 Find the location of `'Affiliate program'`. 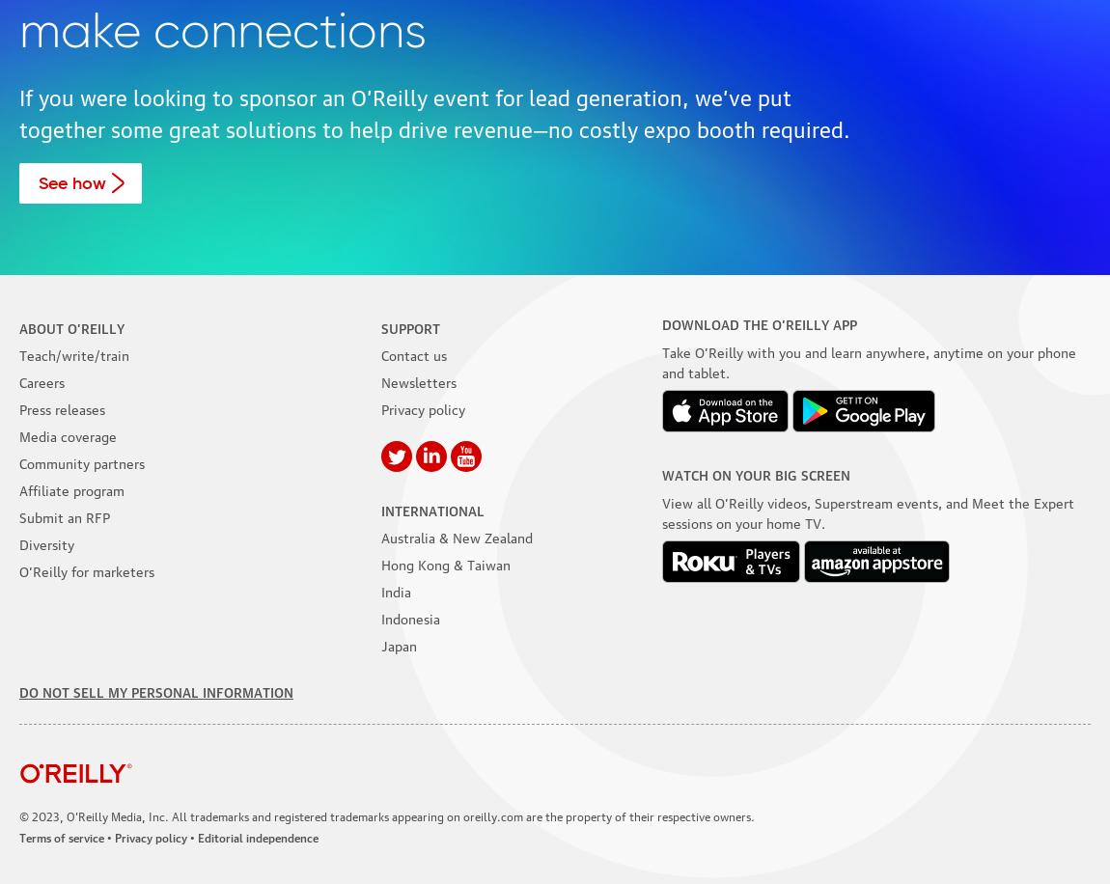

'Affiliate program' is located at coordinates (18, 487).